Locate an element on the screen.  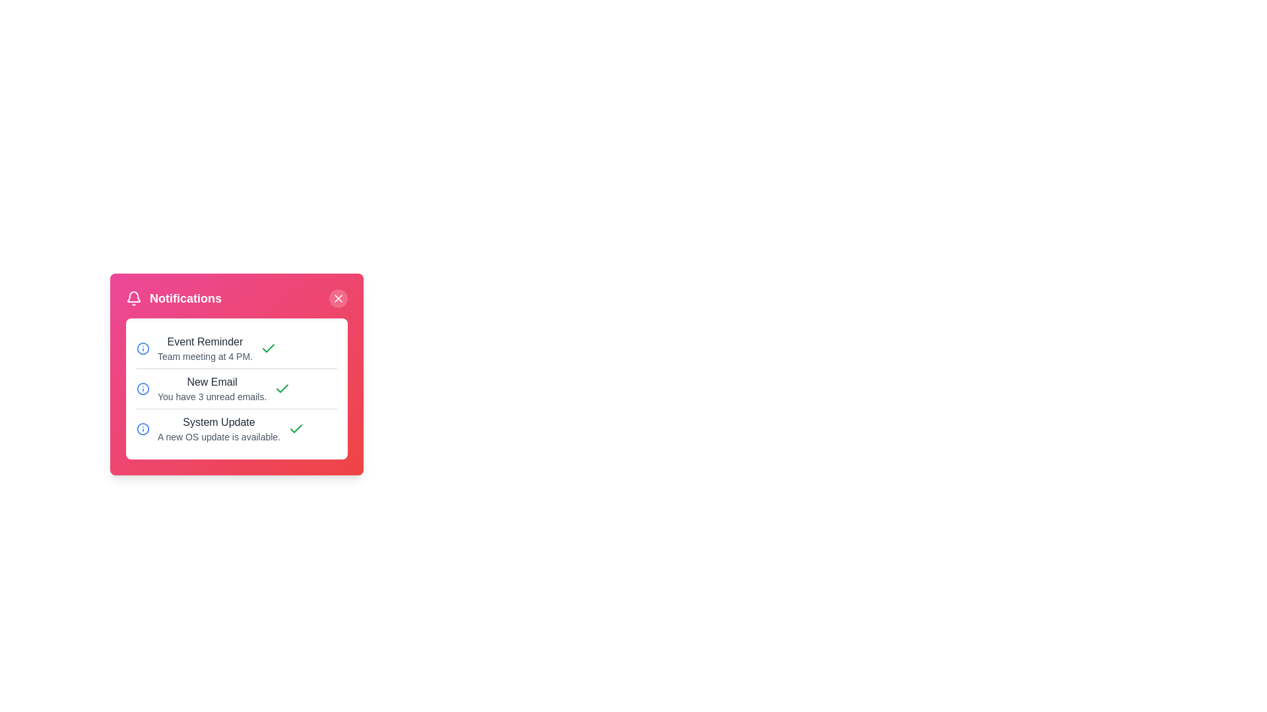
the icon indicating additional information for the 'New Email' notification located at the beginning of the notification entry in the second row of the notification panel is located at coordinates (143, 388).